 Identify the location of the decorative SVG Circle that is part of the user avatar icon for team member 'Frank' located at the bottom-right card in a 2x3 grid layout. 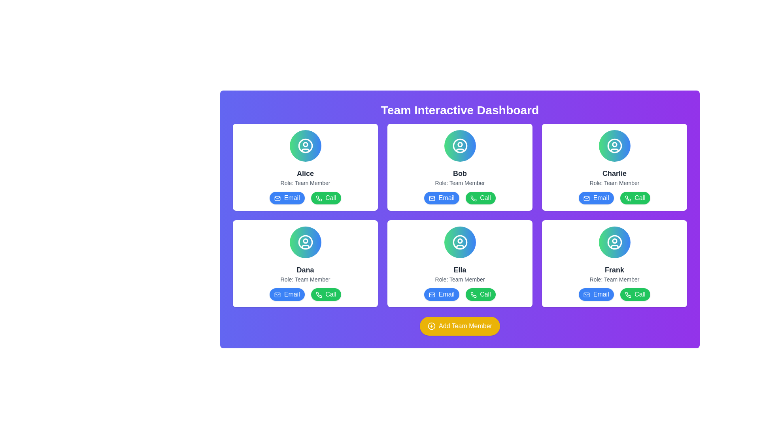
(614, 242).